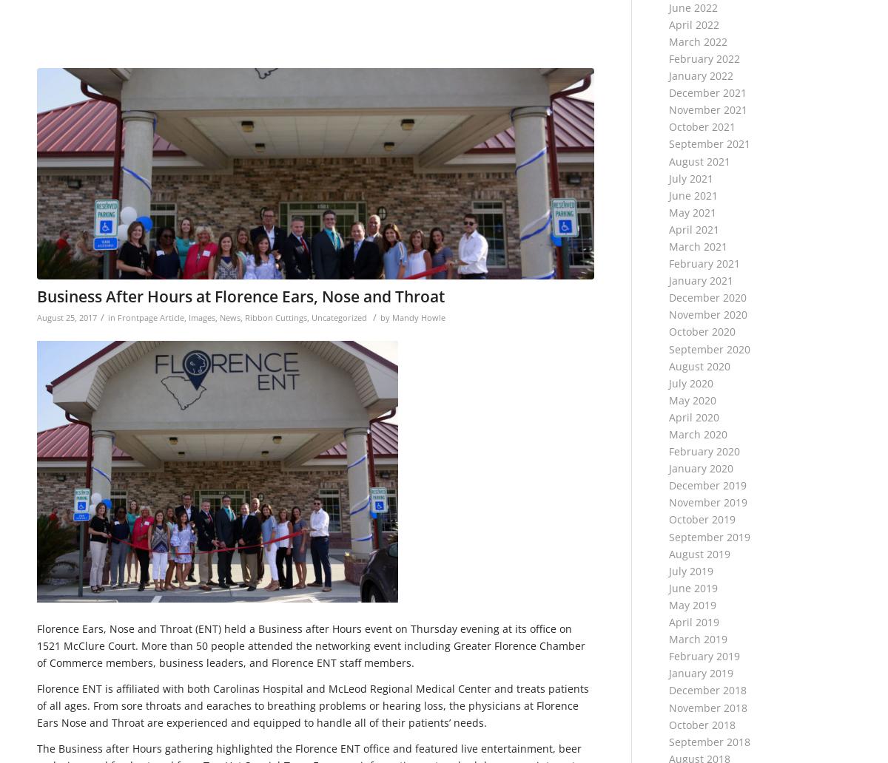 This screenshot has width=888, height=763. I want to click on 'March 2021', so click(668, 245).